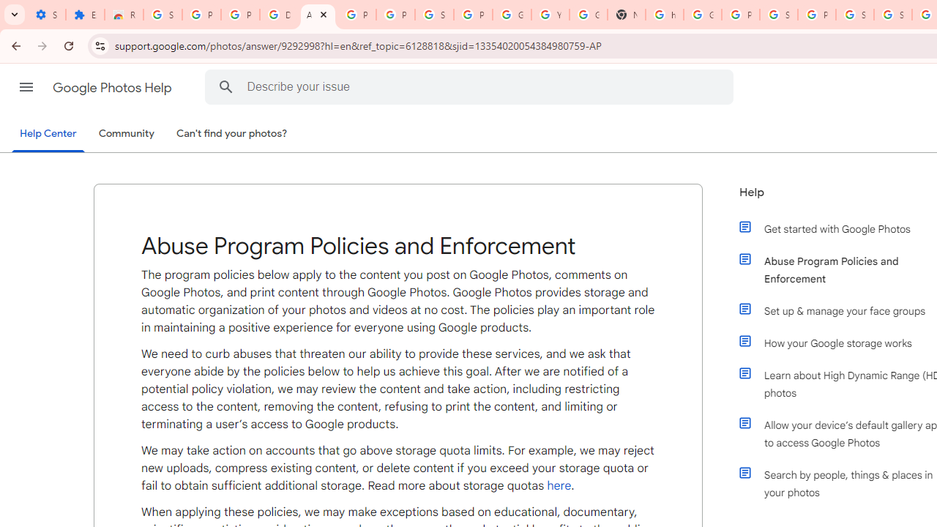  Describe the element at coordinates (550, 15) in the screenshot. I see `'YouTube'` at that location.